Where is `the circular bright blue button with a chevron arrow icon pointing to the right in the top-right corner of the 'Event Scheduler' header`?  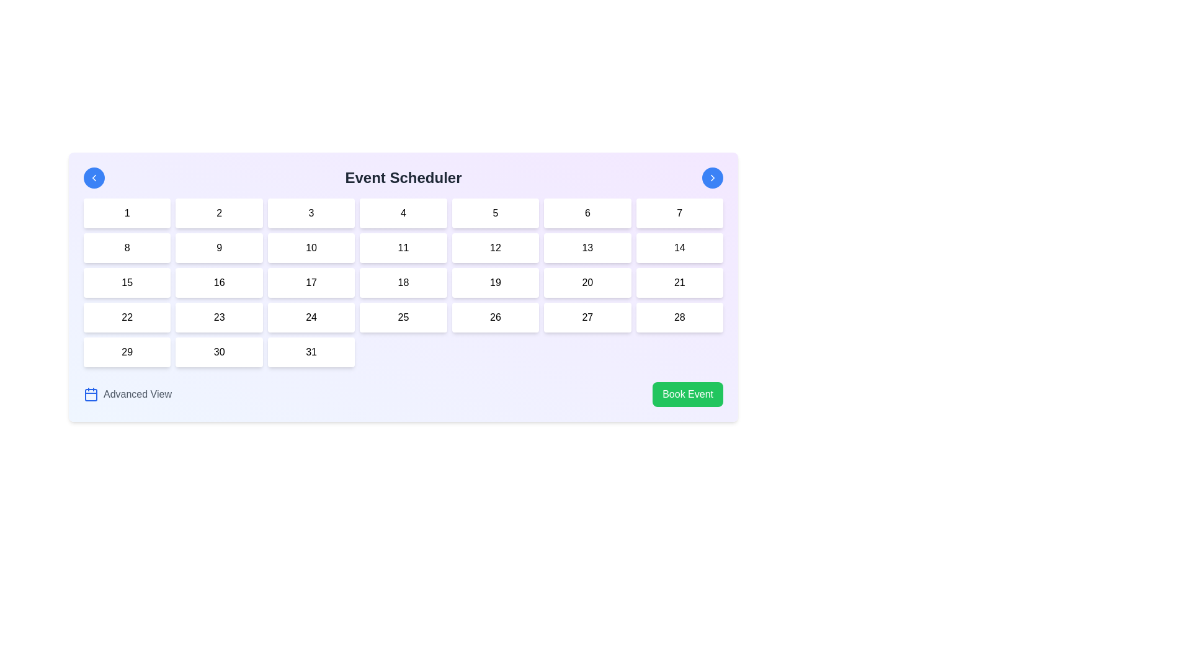 the circular bright blue button with a chevron arrow icon pointing to the right in the top-right corner of the 'Event Scheduler' header is located at coordinates (712, 177).